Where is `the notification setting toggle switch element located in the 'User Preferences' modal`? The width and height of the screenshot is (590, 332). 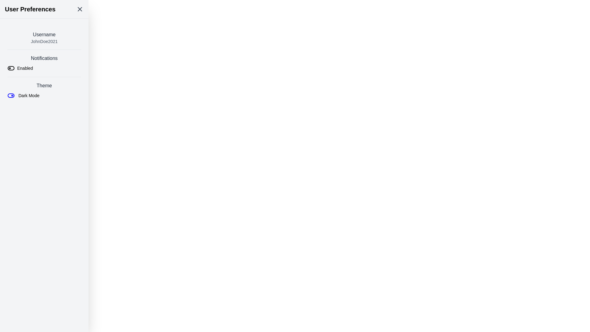 the notification setting toggle switch element located in the 'User Preferences' modal is located at coordinates (44, 63).